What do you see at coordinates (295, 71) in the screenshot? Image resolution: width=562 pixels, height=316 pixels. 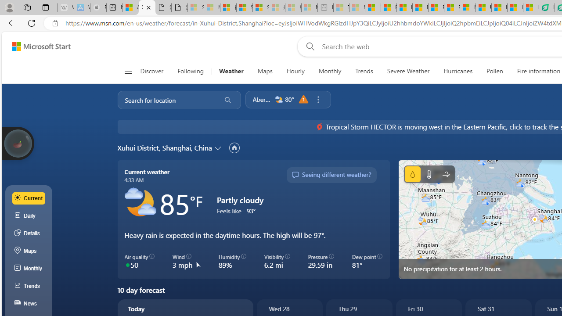 I see `'Hourly'` at bounding box center [295, 71].